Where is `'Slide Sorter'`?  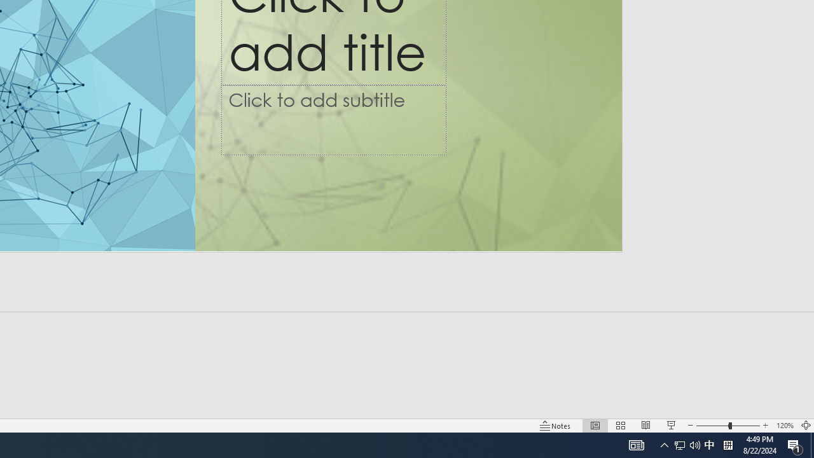
'Slide Sorter' is located at coordinates (621, 426).